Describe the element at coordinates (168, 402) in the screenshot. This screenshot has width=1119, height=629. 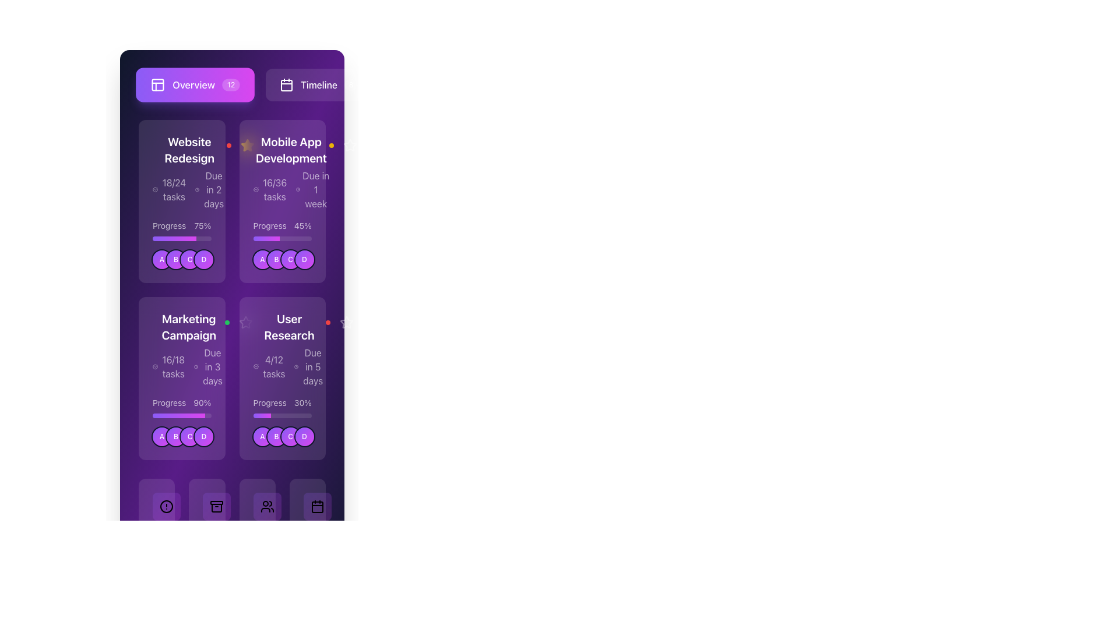
I see `the static text label displaying the word 'Progress' in a small-sized font, located in the bottom-left card labeled 'Marketing Campaign'` at that location.